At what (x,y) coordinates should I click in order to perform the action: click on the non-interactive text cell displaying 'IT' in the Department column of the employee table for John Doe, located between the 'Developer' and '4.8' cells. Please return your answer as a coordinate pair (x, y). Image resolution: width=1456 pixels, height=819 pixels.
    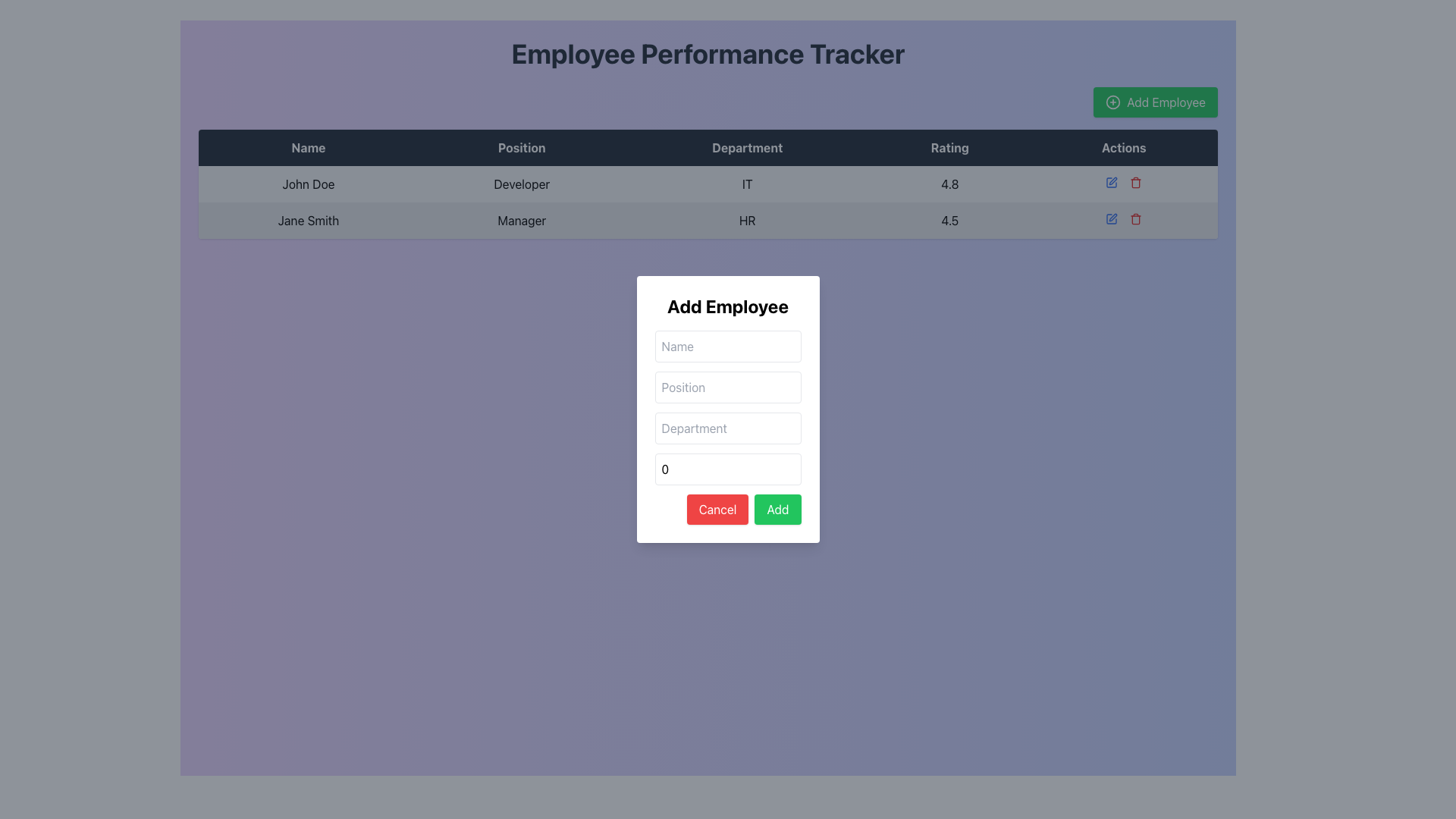
    Looking at the image, I should click on (747, 184).